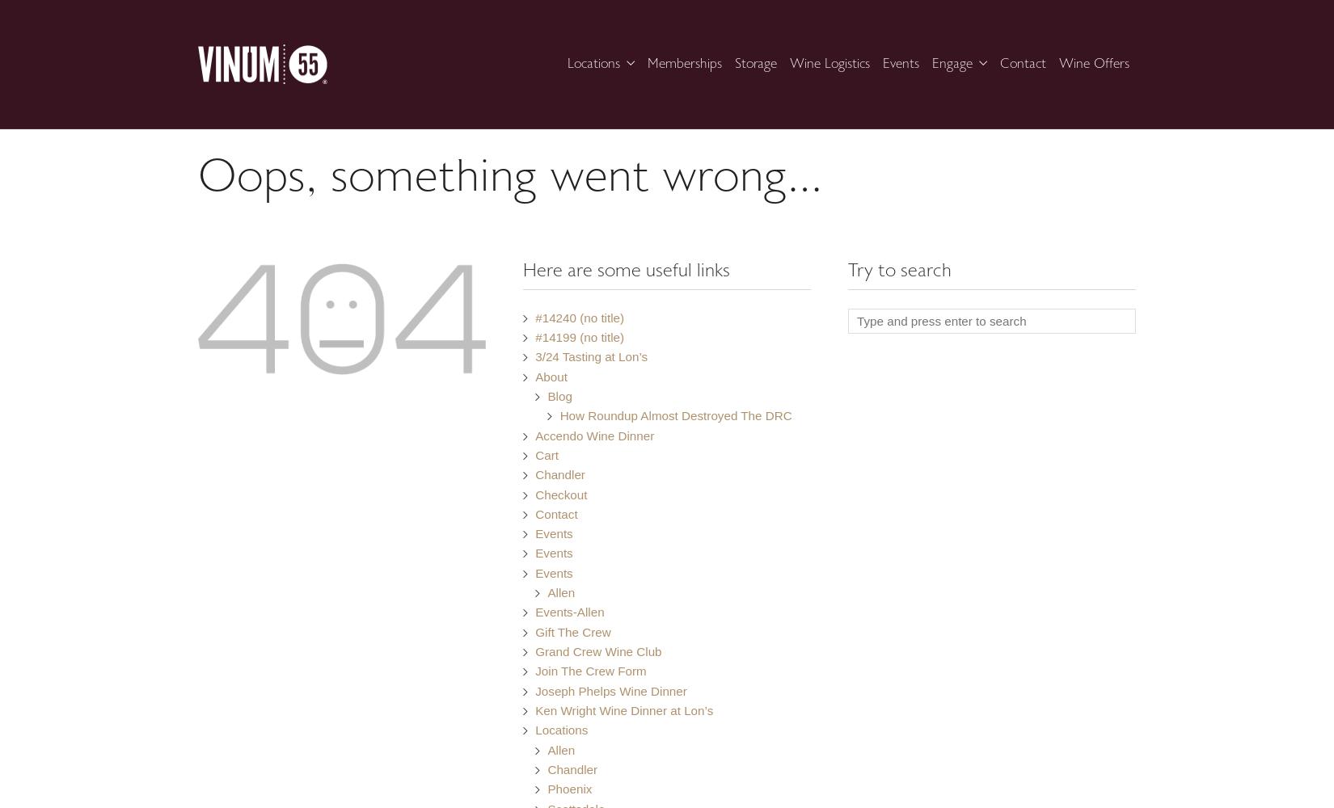 Image resolution: width=1334 pixels, height=808 pixels. What do you see at coordinates (550, 375) in the screenshot?
I see `'About'` at bounding box center [550, 375].